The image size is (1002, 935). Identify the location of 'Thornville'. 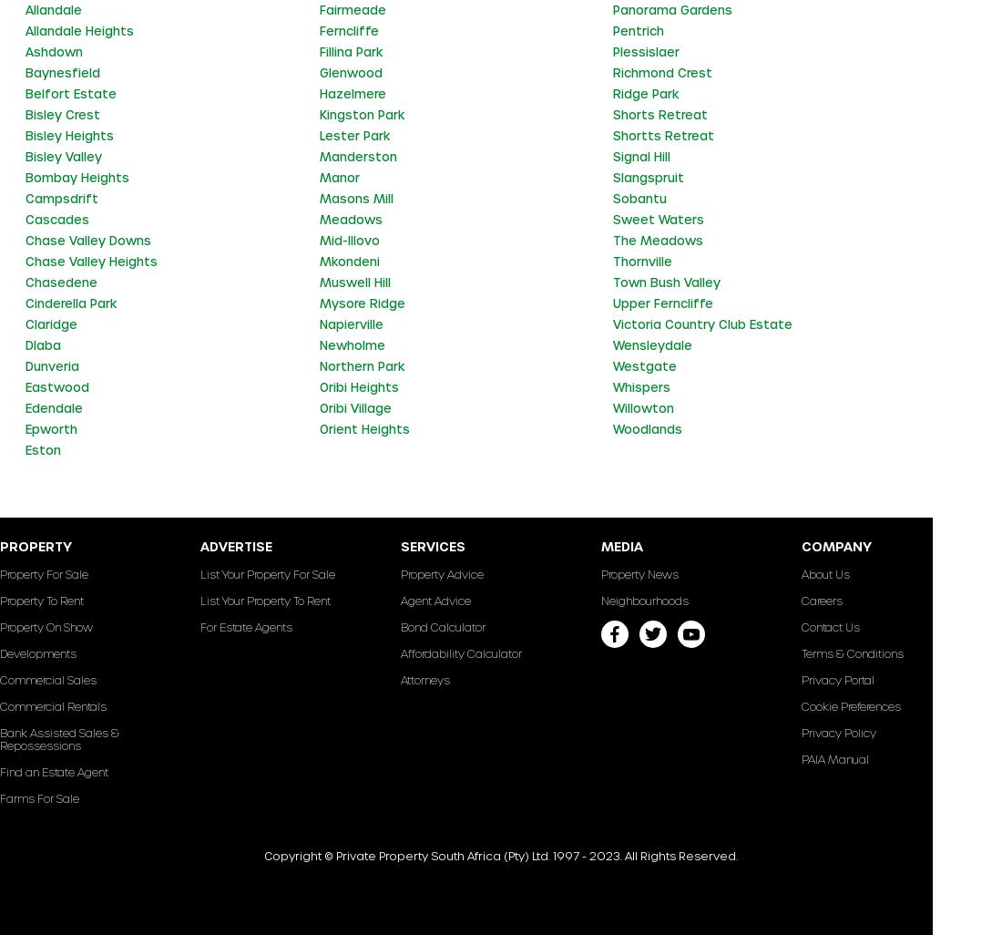
(612, 259).